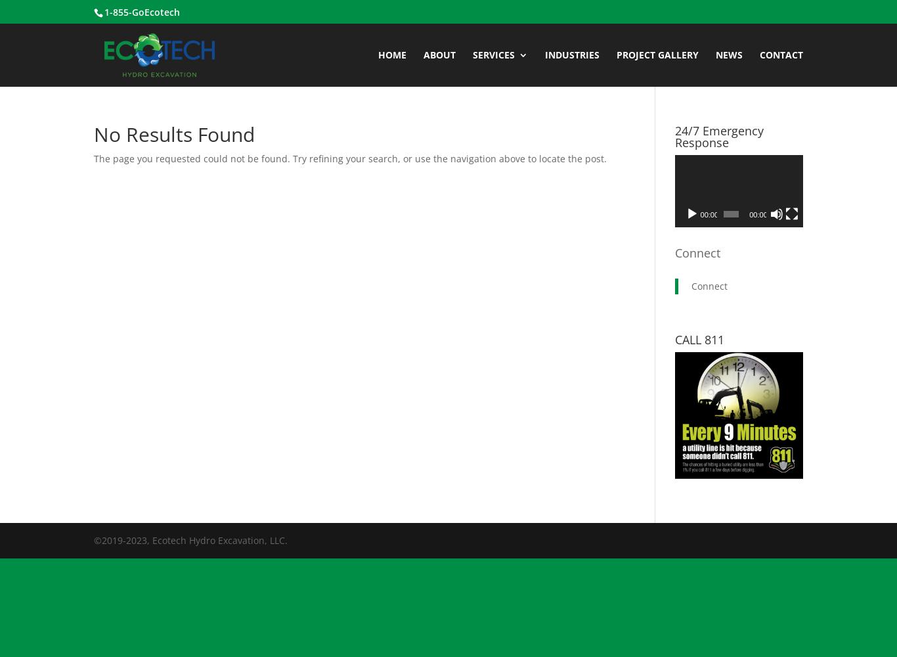 The width and height of the screenshot is (897, 657). What do you see at coordinates (699, 343) in the screenshot?
I see `'Bulk Excavation'` at bounding box center [699, 343].